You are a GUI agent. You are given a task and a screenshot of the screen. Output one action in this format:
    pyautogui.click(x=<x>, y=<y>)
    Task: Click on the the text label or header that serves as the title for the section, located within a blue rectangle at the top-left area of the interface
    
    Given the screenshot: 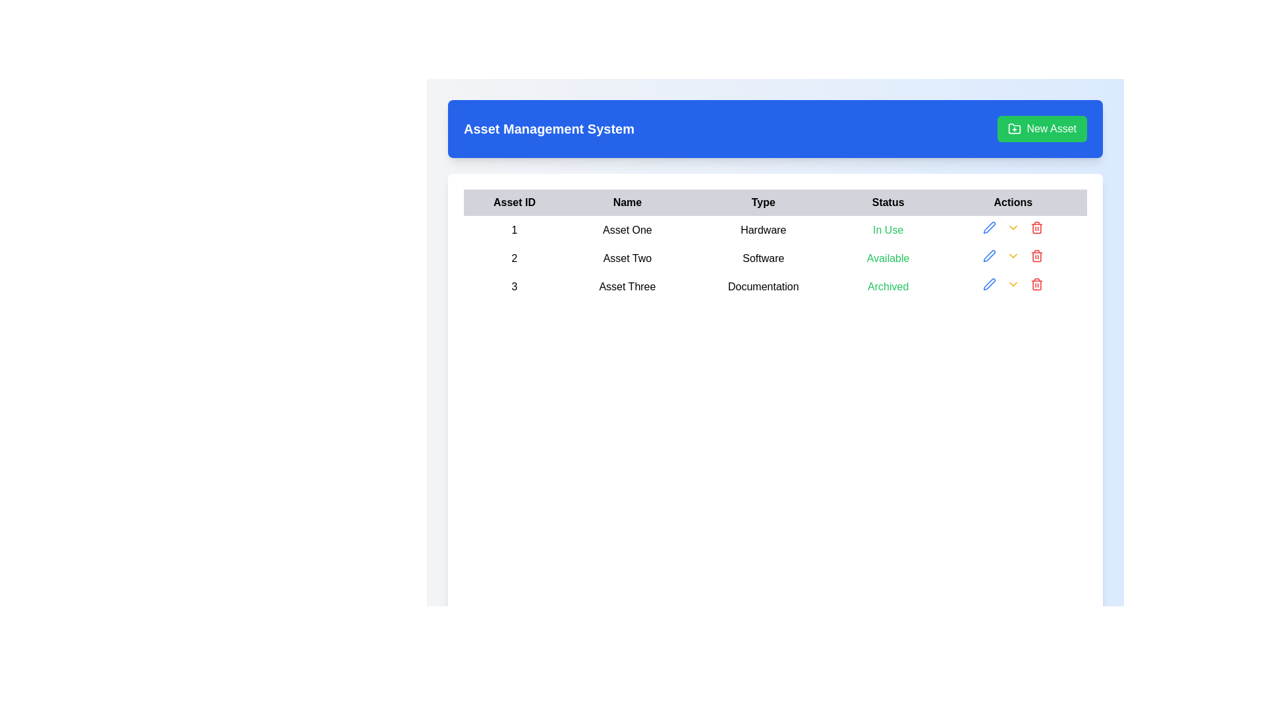 What is the action you would take?
    pyautogui.click(x=549, y=129)
    